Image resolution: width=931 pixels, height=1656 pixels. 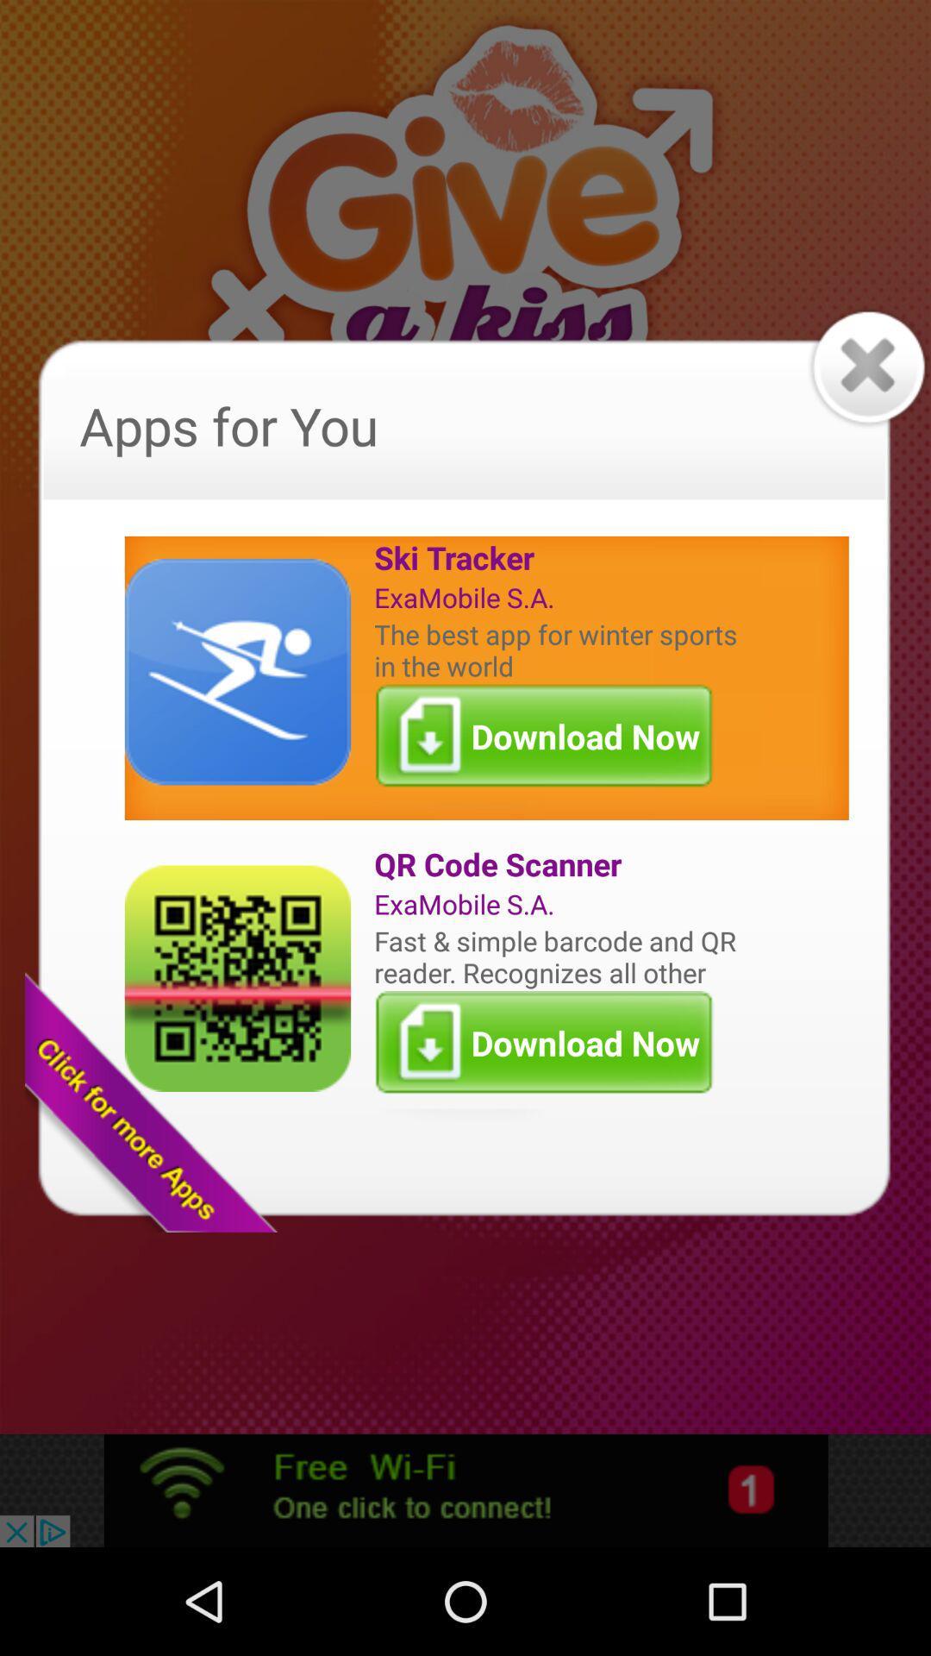 What do you see at coordinates (559, 864) in the screenshot?
I see `qr code scanner item` at bounding box center [559, 864].